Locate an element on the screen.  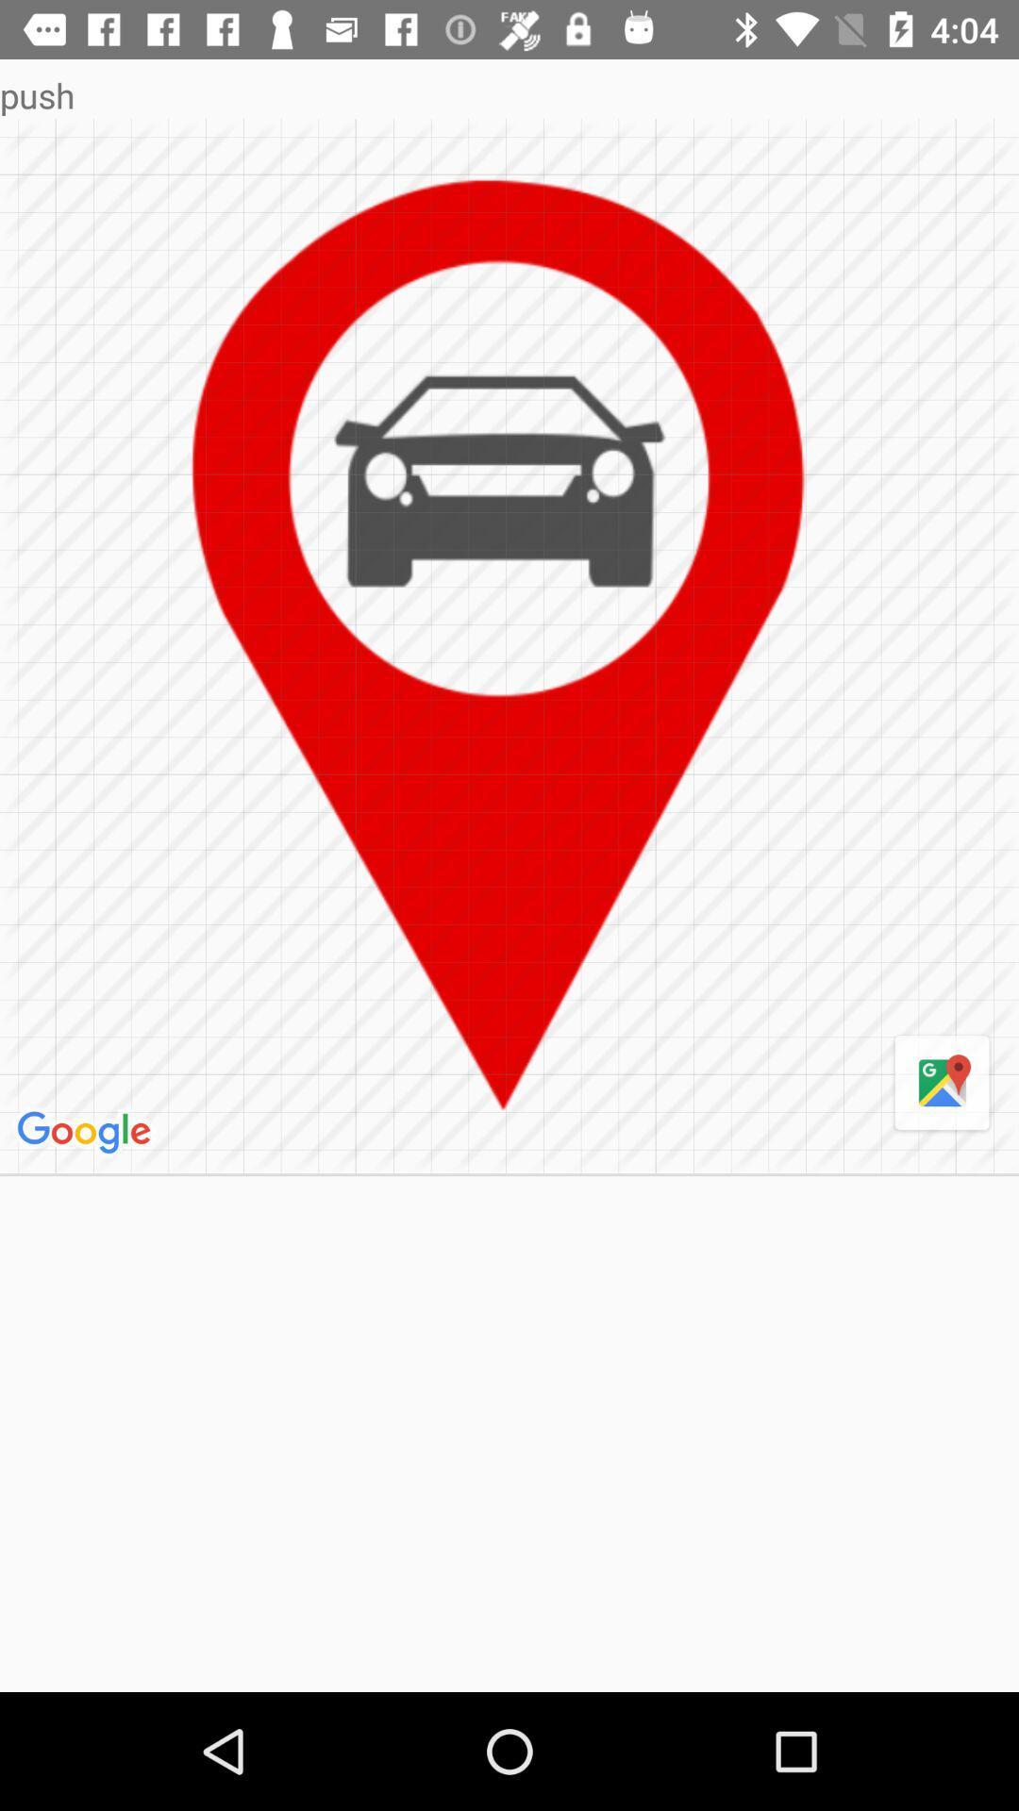
item below push is located at coordinates (87, 1132).